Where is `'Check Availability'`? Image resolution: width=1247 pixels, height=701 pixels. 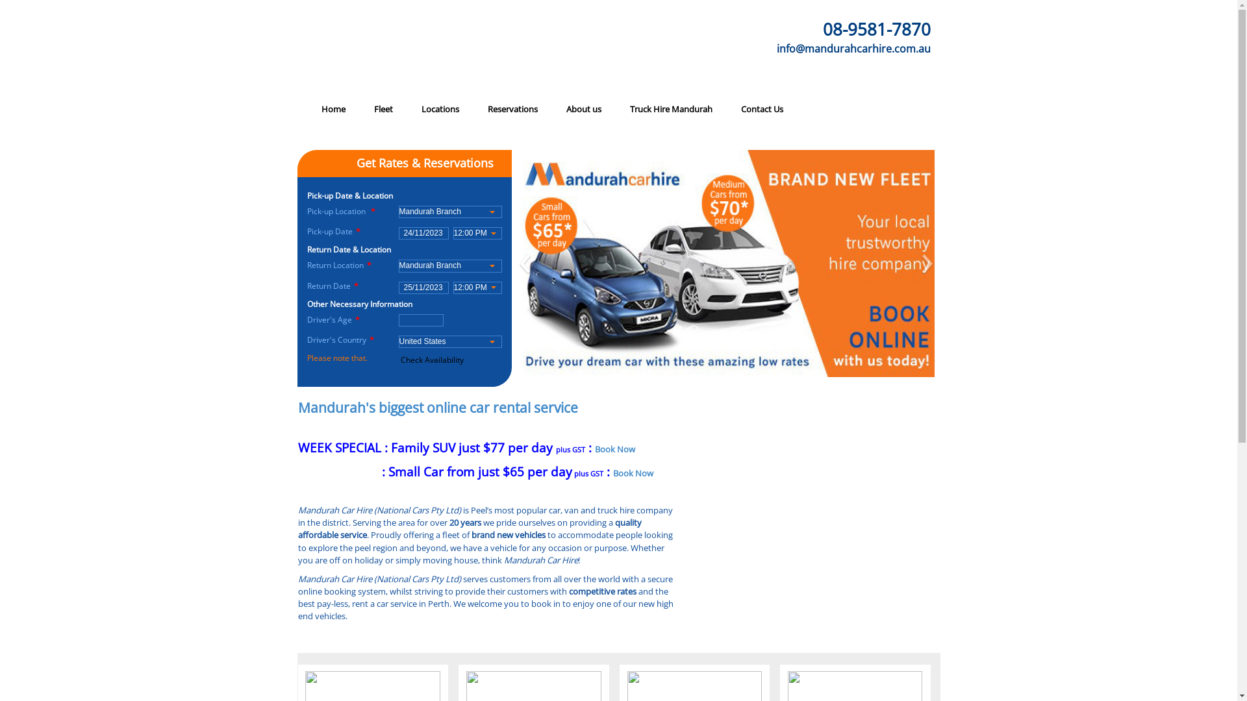 'Check Availability' is located at coordinates (398, 360).